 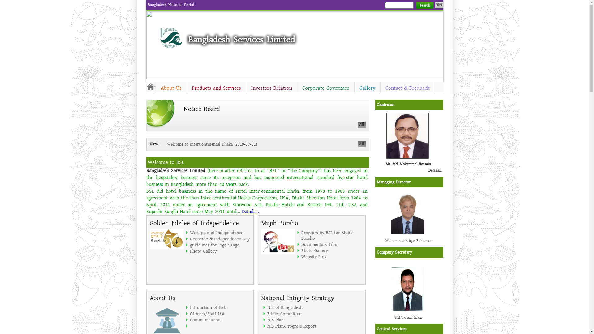 What do you see at coordinates (171, 38) in the screenshot?
I see `'Home'` at bounding box center [171, 38].